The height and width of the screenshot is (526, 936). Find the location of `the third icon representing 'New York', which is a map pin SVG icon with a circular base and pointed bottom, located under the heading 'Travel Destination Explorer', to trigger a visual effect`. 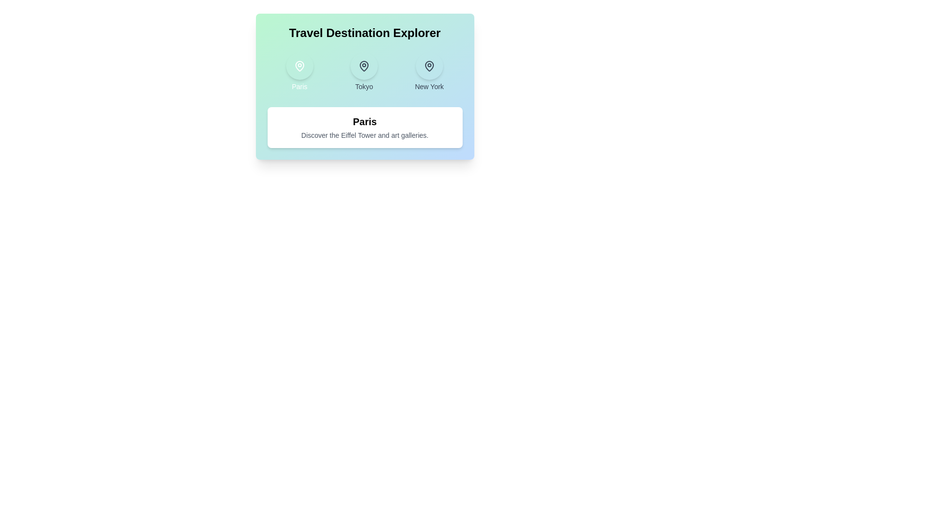

the third icon representing 'New York', which is a map pin SVG icon with a circular base and pointed bottom, located under the heading 'Travel Destination Explorer', to trigger a visual effect is located at coordinates (429, 66).